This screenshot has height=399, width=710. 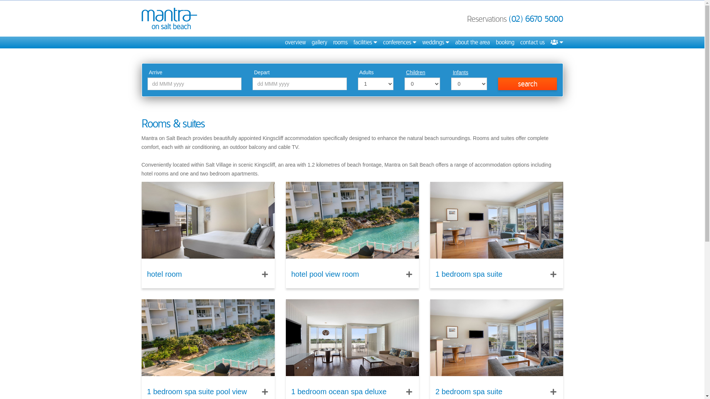 What do you see at coordinates (339, 42) in the screenshot?
I see `'rooms'` at bounding box center [339, 42].